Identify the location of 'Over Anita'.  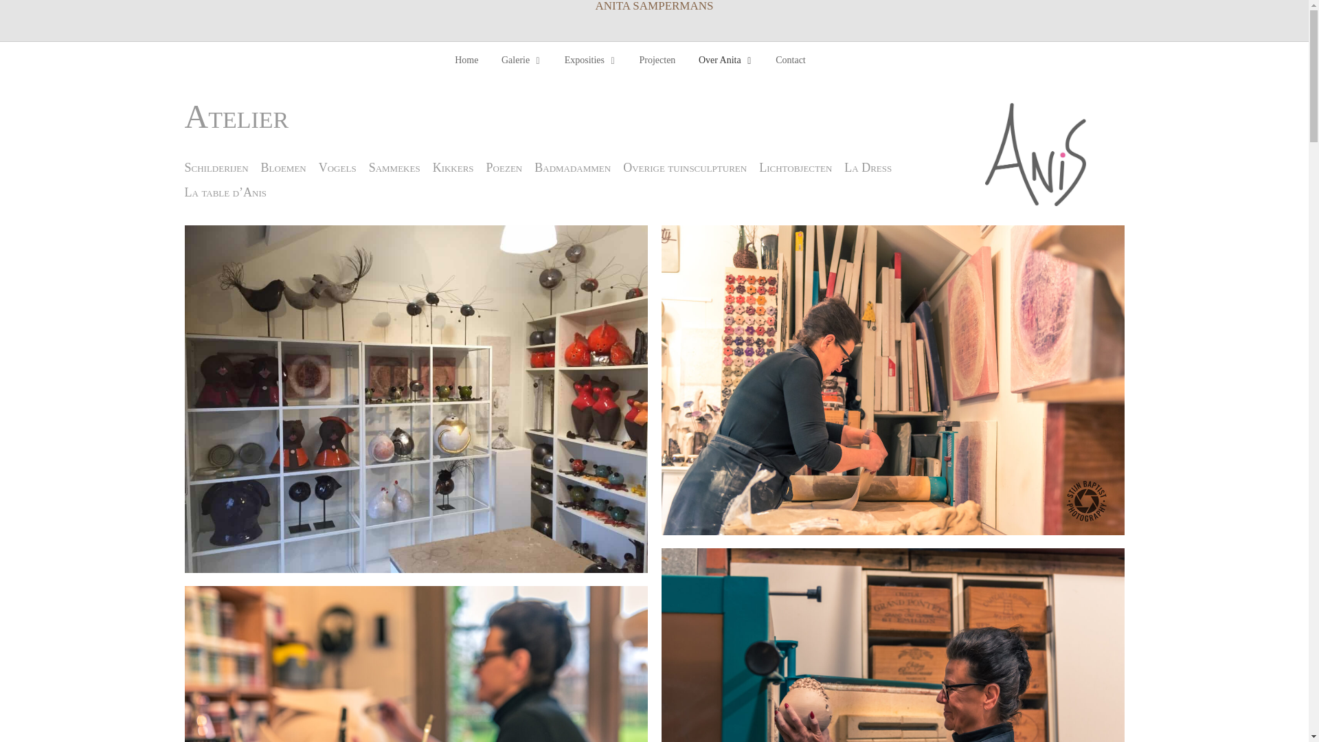
(725, 60).